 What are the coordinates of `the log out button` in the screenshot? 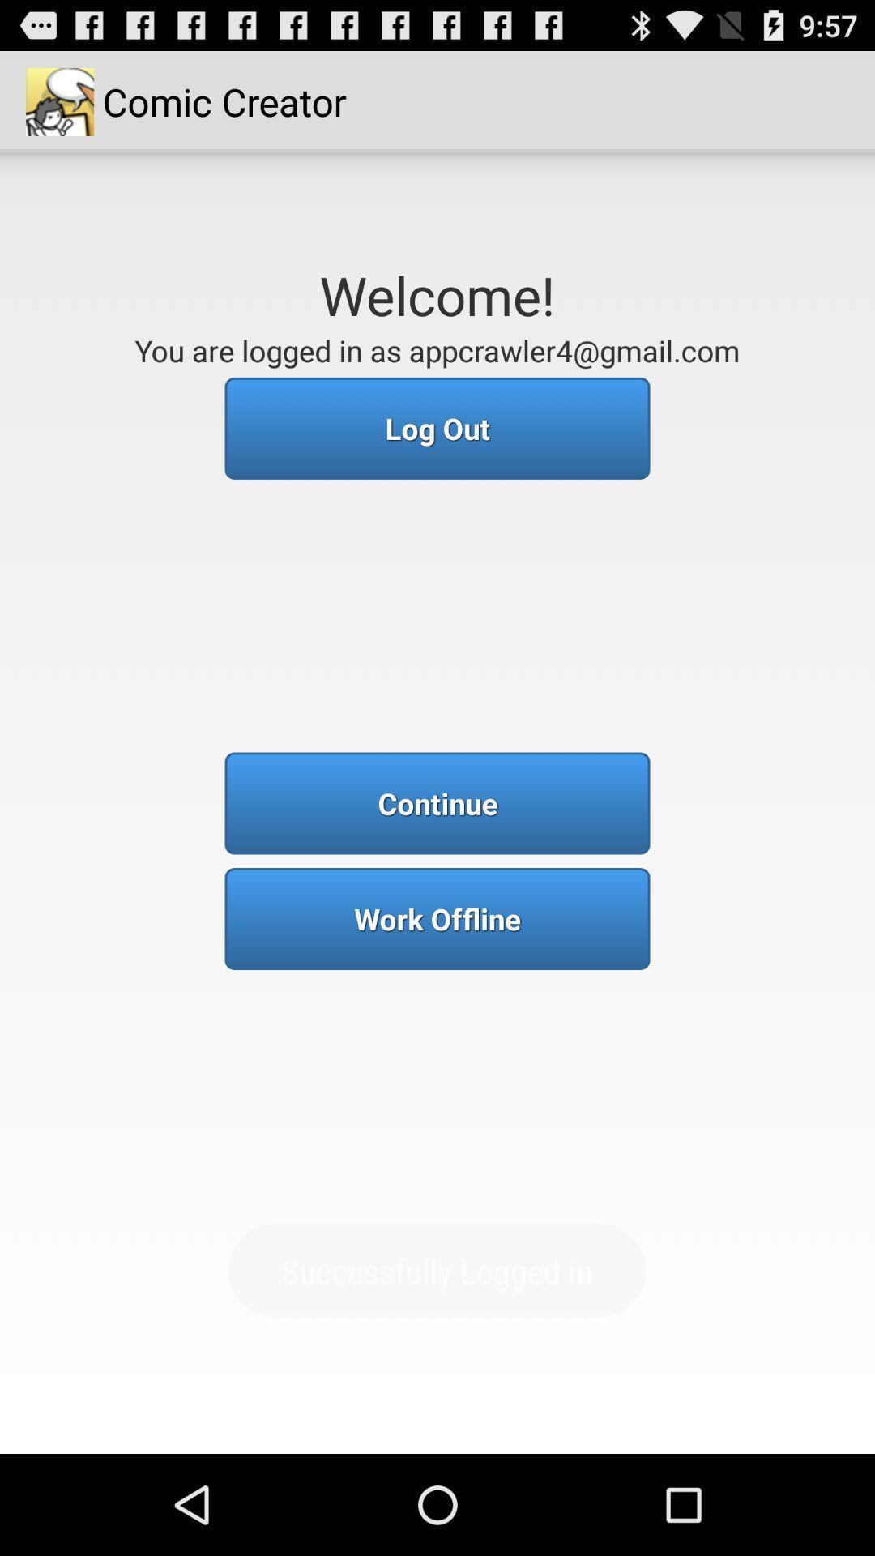 It's located at (437, 428).